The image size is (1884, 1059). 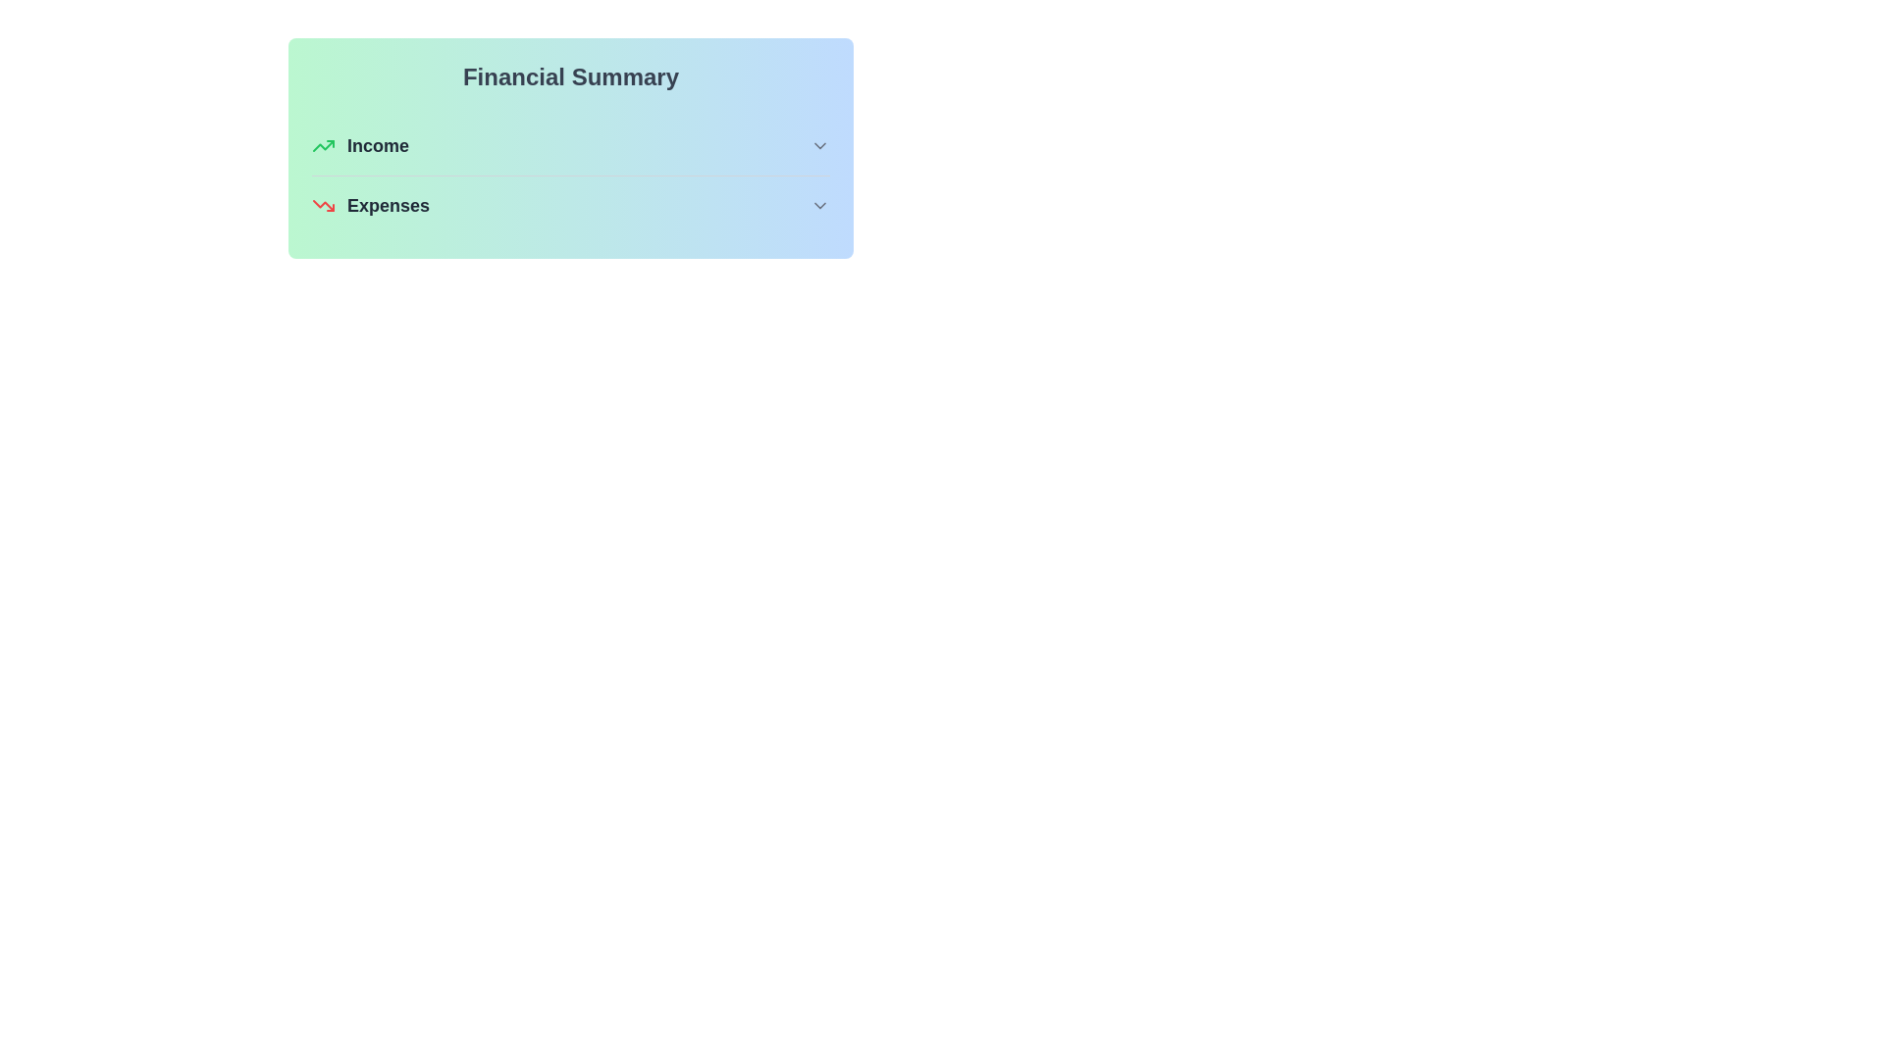 I want to click on the upward trending arrow icon in the SVG representing 'Income' located in the top-left of the 'Financial Summary' section, so click(x=324, y=145).